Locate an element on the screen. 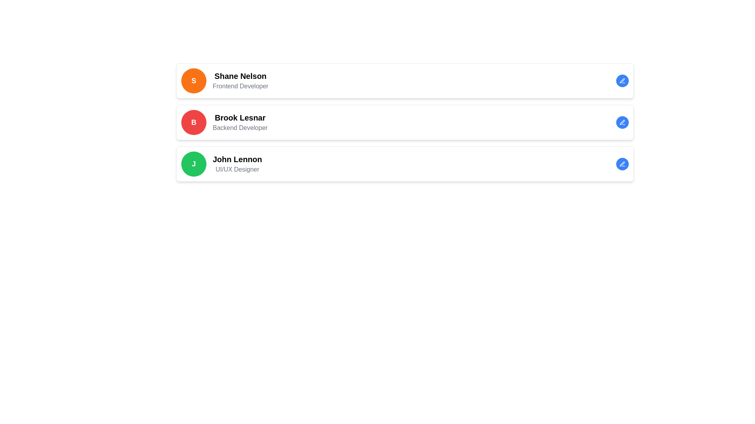  the pen icon located at the top right corner of Shane Nelson's card is located at coordinates (622, 80).